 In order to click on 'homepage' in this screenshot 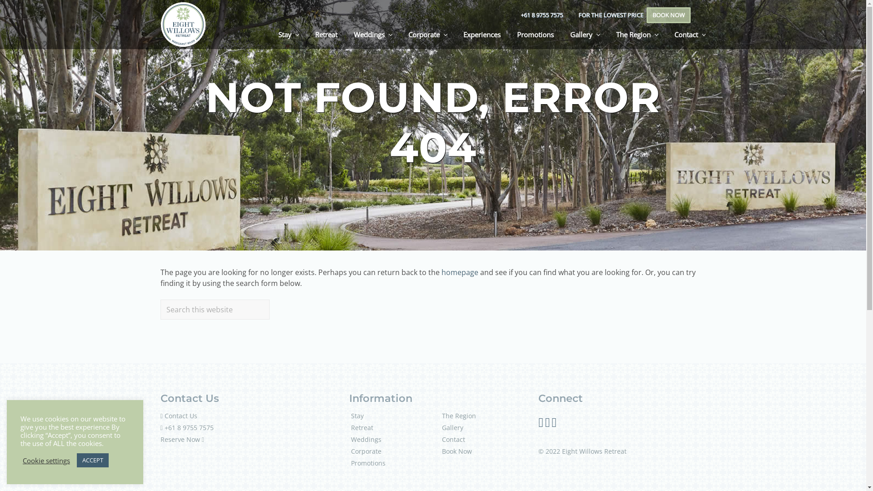, I will do `click(459, 271)`.